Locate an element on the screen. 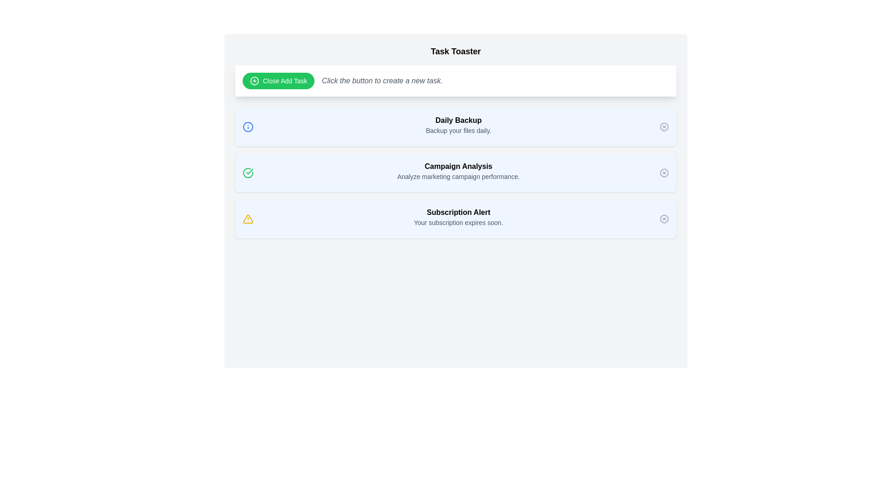 The width and height of the screenshot is (884, 497). the informational text block about the daily backup feature located under the 'Task Toaster' heading to interact with possible tooltip or further information is located at coordinates (459, 127).